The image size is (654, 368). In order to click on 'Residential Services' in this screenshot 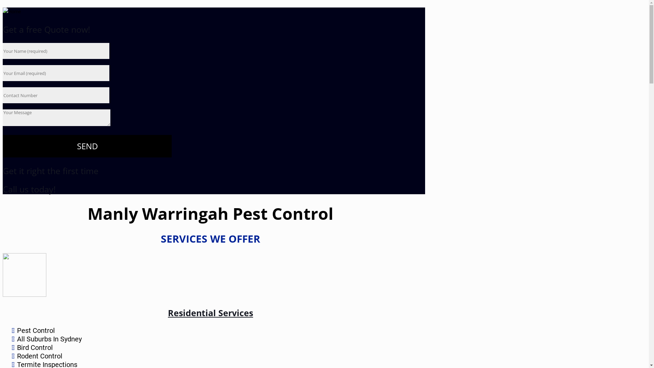, I will do `click(210, 313)`.